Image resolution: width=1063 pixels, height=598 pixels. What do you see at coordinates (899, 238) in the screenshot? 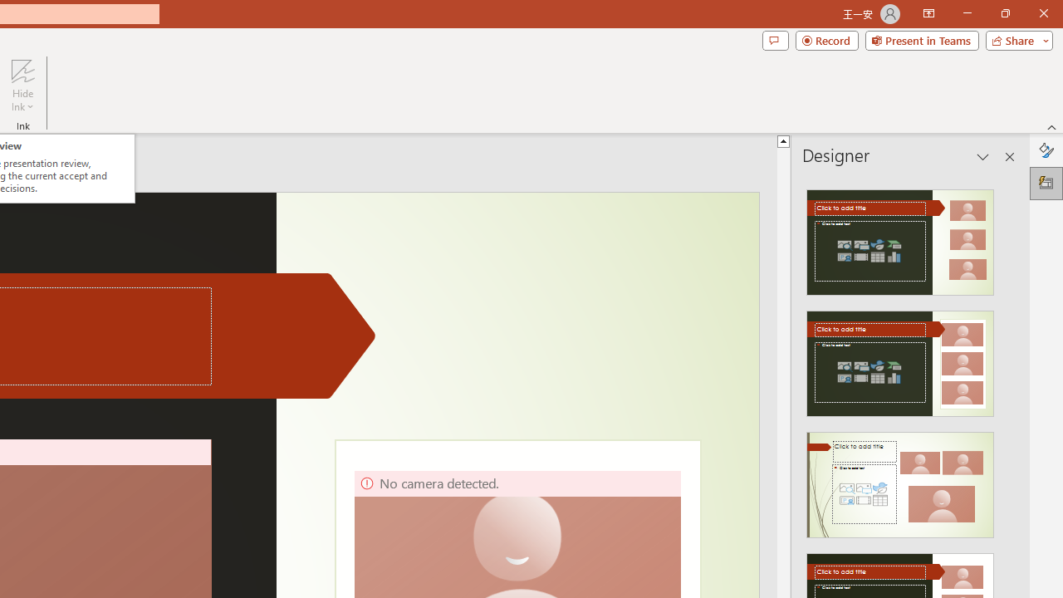
I see `'Recommended Design: Design Idea'` at bounding box center [899, 238].